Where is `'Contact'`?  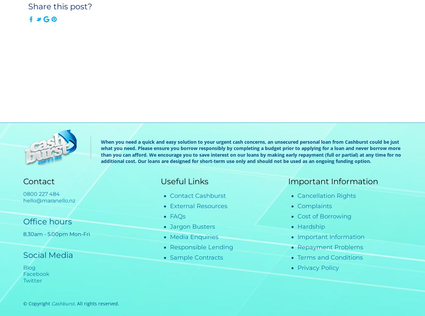 'Contact' is located at coordinates (39, 181).